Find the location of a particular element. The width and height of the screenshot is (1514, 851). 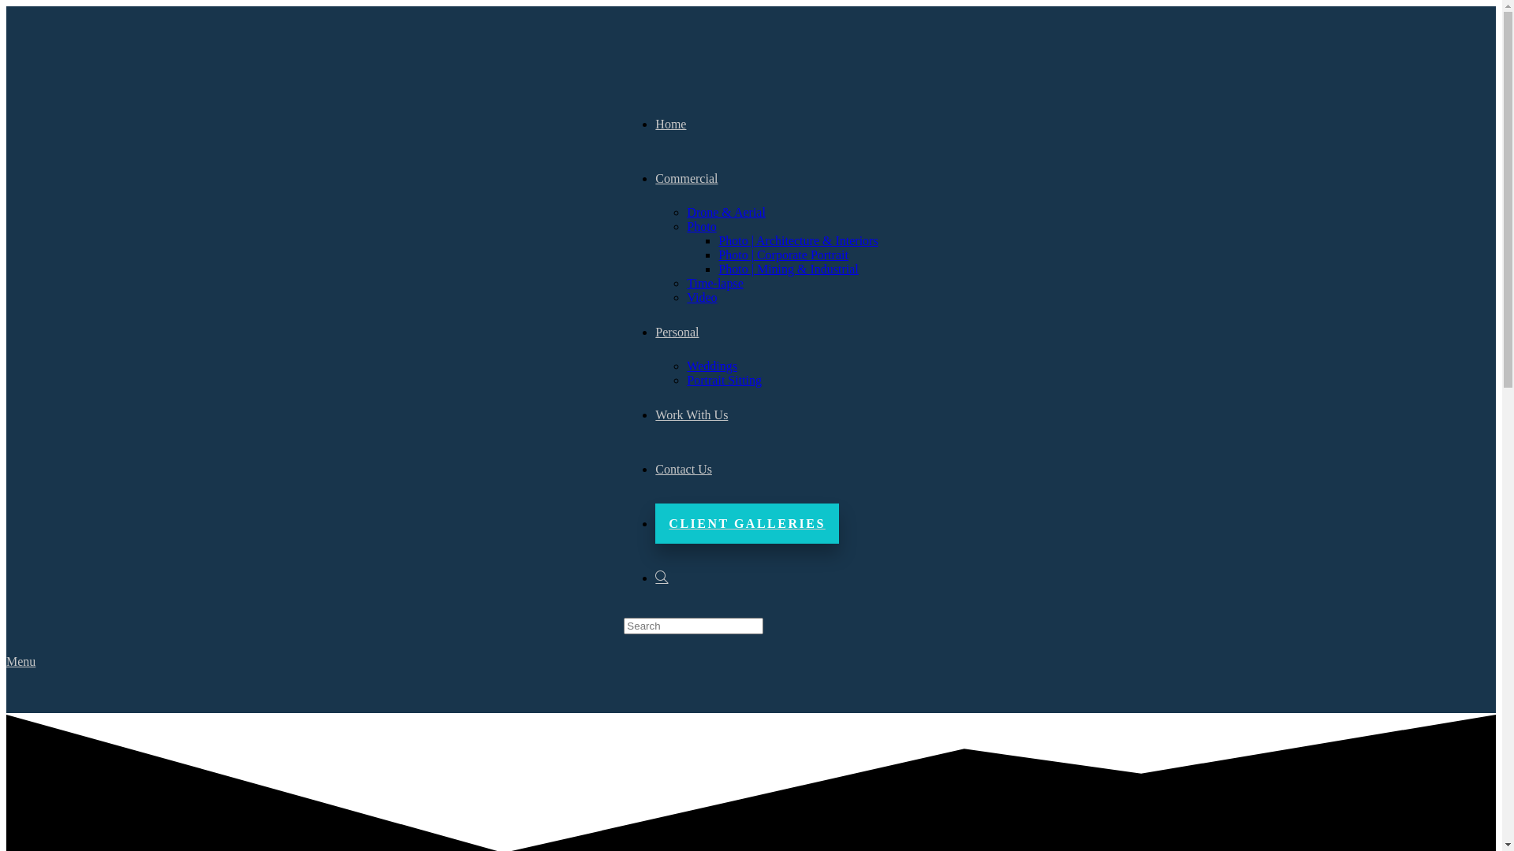

'Commercial' is located at coordinates (686, 177).